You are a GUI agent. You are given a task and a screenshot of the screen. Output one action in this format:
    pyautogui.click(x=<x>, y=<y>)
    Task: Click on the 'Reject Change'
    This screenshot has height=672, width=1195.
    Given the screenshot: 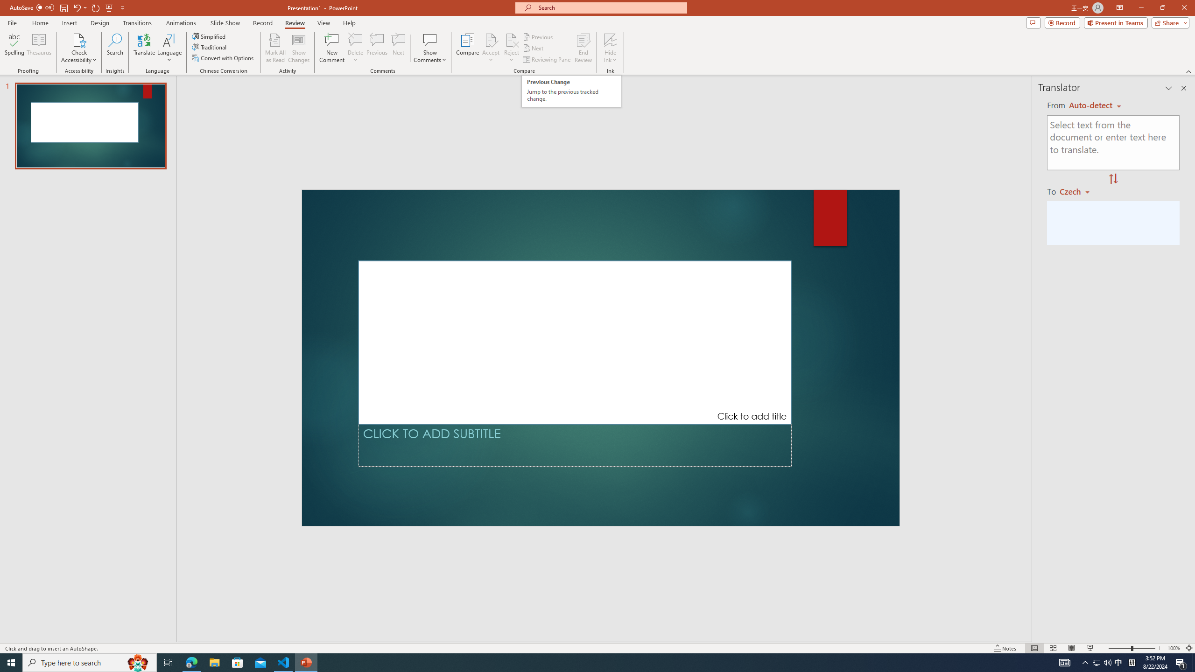 What is the action you would take?
    pyautogui.click(x=511, y=39)
    